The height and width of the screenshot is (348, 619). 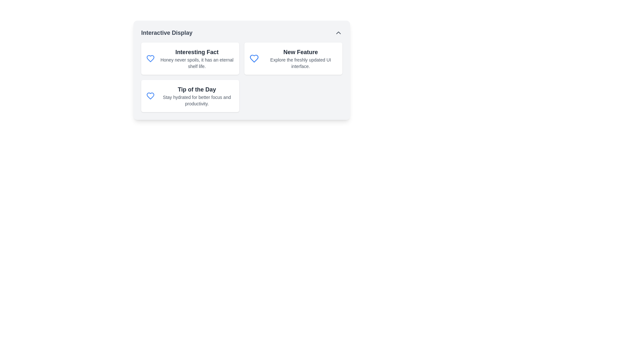 What do you see at coordinates (196, 58) in the screenshot?
I see `the Text display block that shows the title 'Interesting Fact' and description 'Honey never spoils, it has an eternal shelf life.'` at bounding box center [196, 58].